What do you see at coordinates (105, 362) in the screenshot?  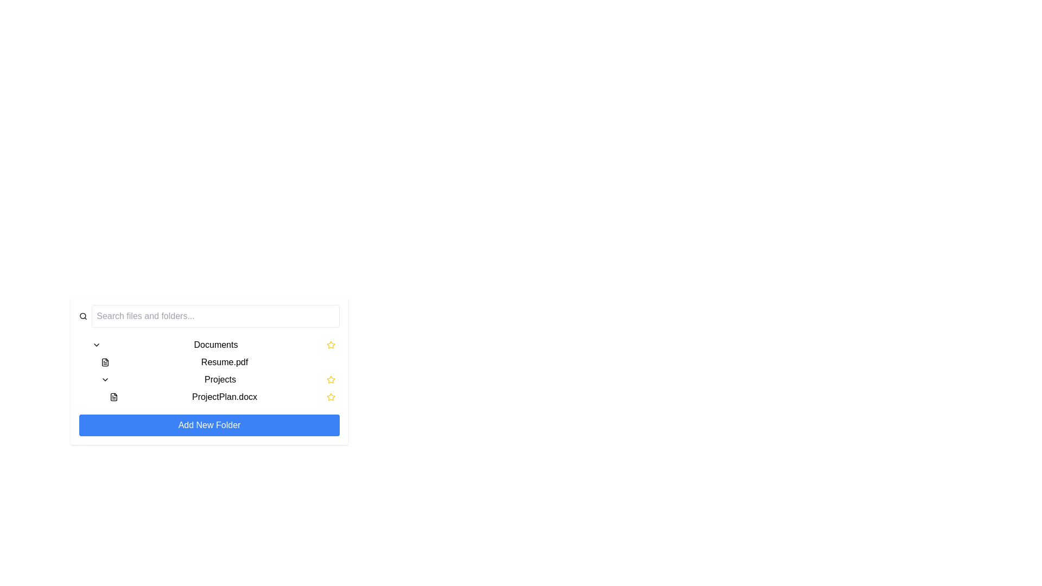 I see `the top-left portion of the file document icon, which has a folded corner` at bounding box center [105, 362].